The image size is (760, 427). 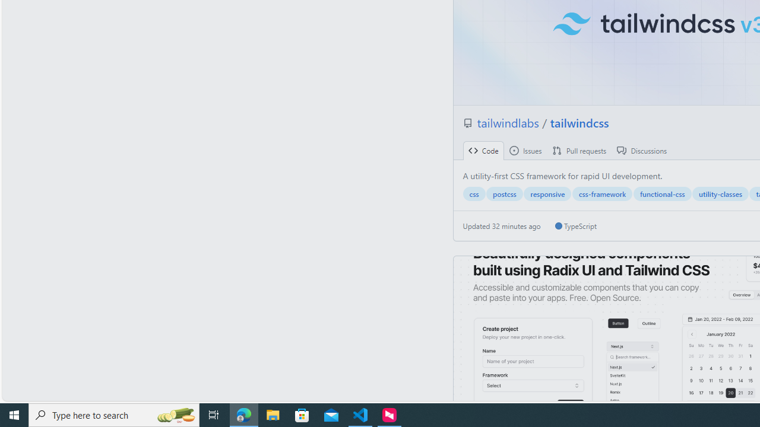 What do you see at coordinates (524, 150) in the screenshot?
I see `' Issues'` at bounding box center [524, 150].